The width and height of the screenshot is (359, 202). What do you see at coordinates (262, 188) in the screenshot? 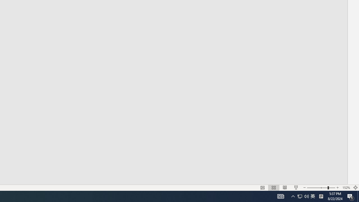
I see `'Normal'` at bounding box center [262, 188].